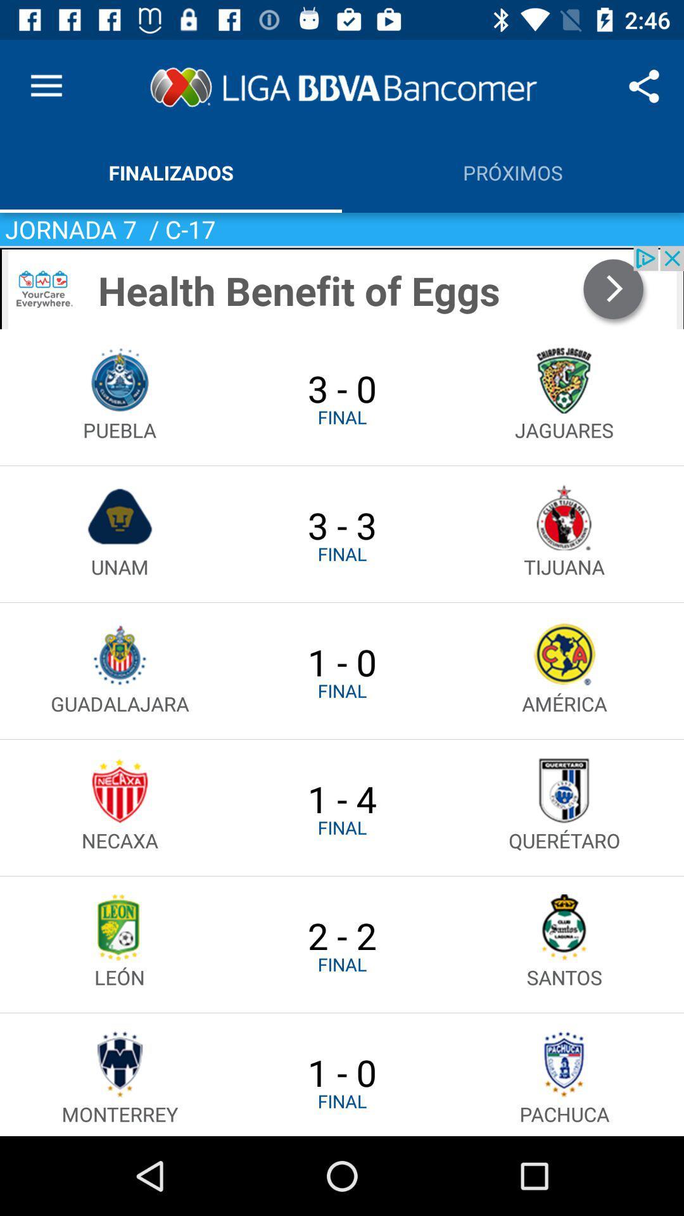 The image size is (684, 1216). Describe the element at coordinates (342, 287) in the screenshot. I see `visit the advertiser page` at that location.